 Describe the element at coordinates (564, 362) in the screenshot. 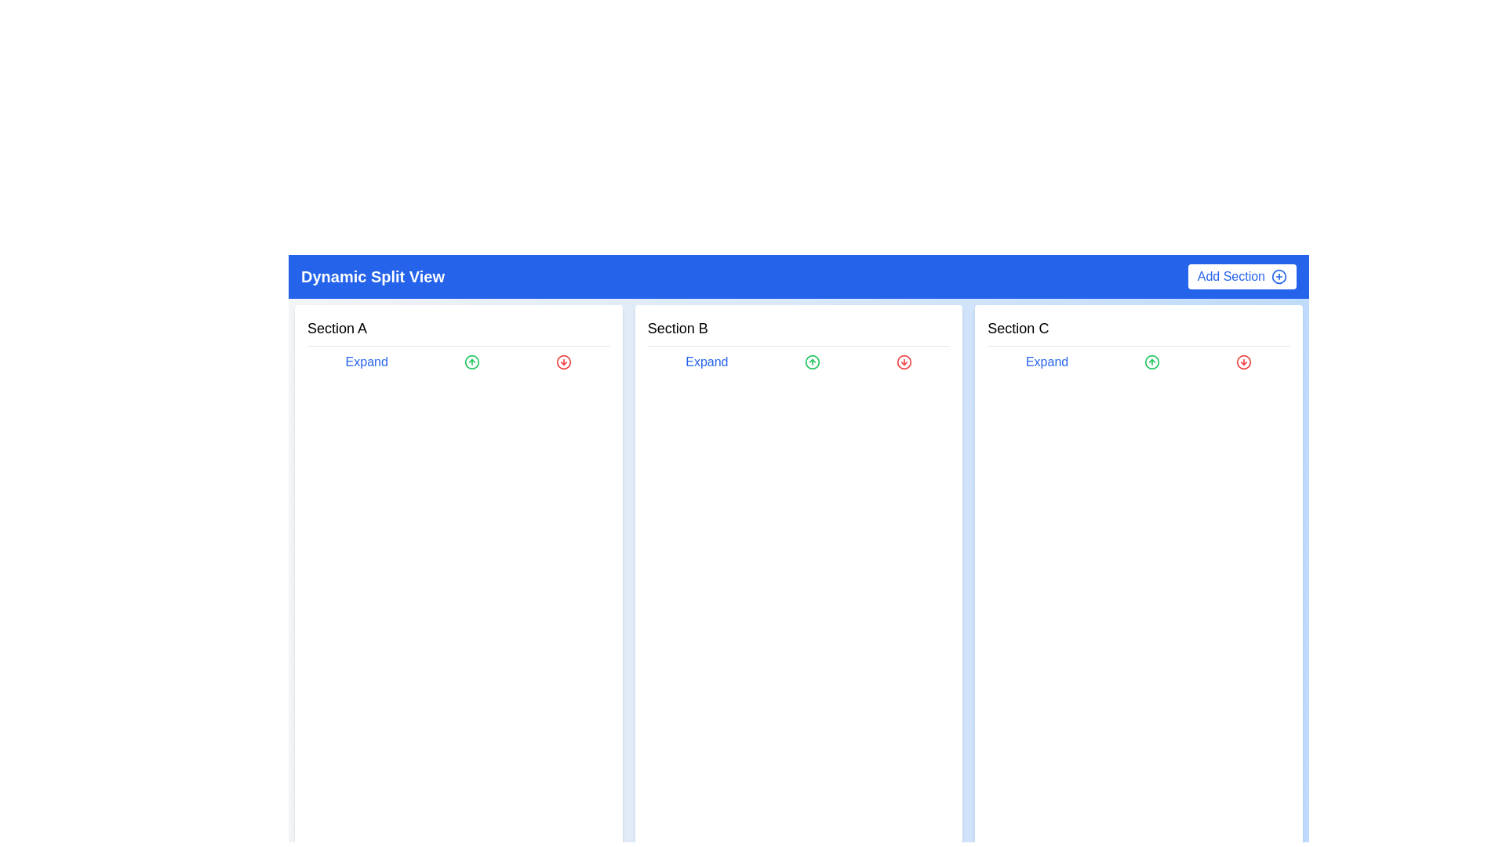

I see `the rightmost downward navigation icon located in the top-right part of the 'Section A' panel under the 'Dynamic Split View' header` at that location.